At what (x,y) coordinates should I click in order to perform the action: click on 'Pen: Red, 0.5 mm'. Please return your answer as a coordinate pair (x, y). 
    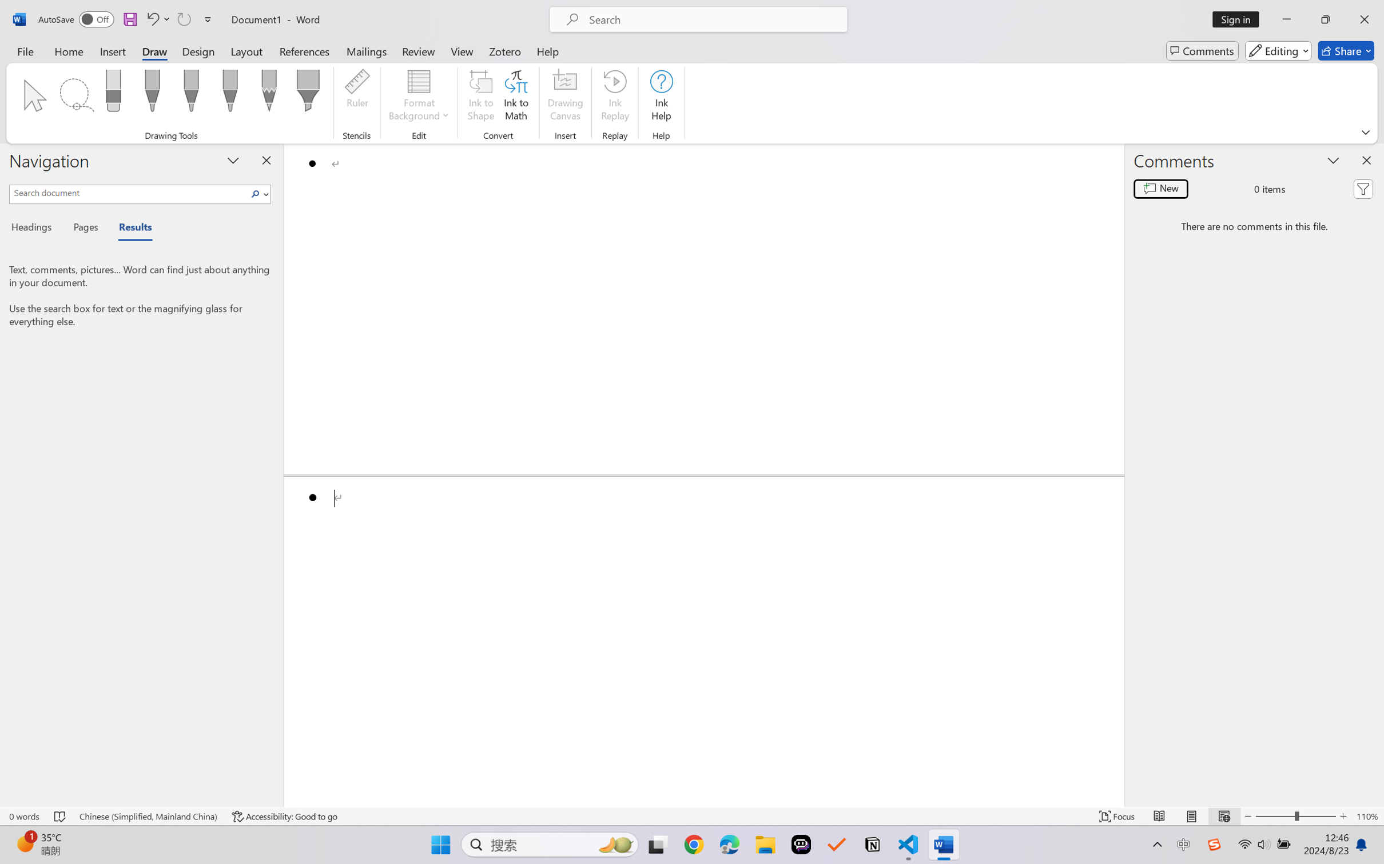
    Looking at the image, I should click on (190, 93).